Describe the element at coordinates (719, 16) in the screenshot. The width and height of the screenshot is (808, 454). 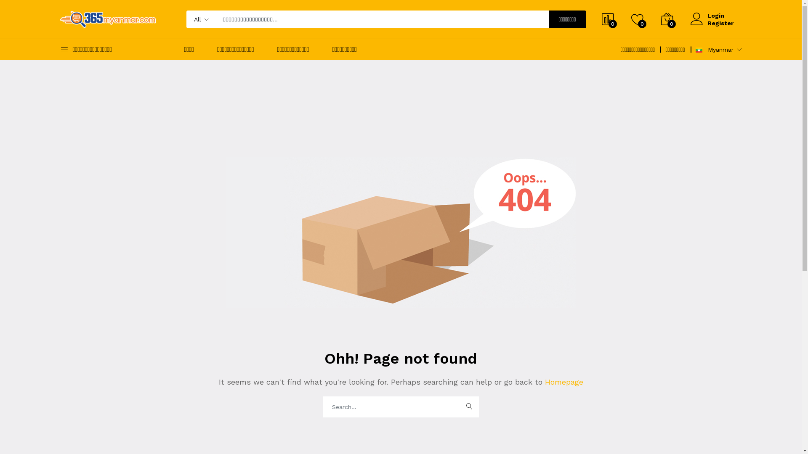
I see `'Login'` at that location.